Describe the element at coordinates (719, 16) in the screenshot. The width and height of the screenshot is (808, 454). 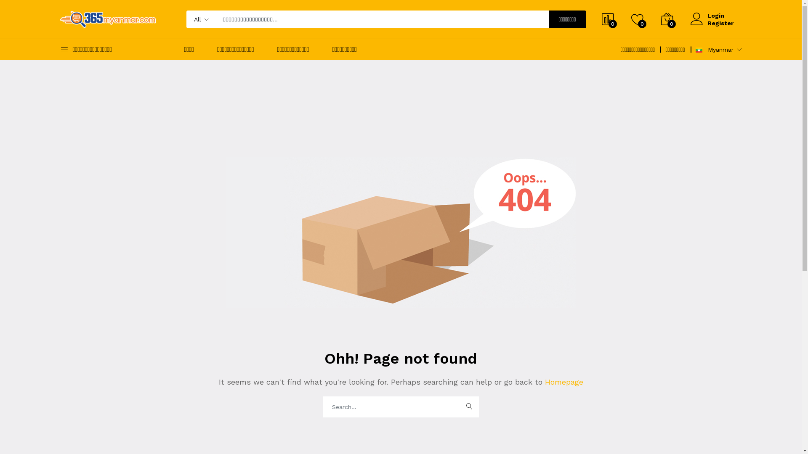
I see `'Login'` at that location.